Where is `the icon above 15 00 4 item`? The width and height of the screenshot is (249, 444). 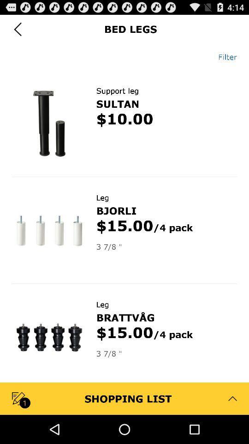
the icon above 15 00 4 item is located at coordinates (125, 317).